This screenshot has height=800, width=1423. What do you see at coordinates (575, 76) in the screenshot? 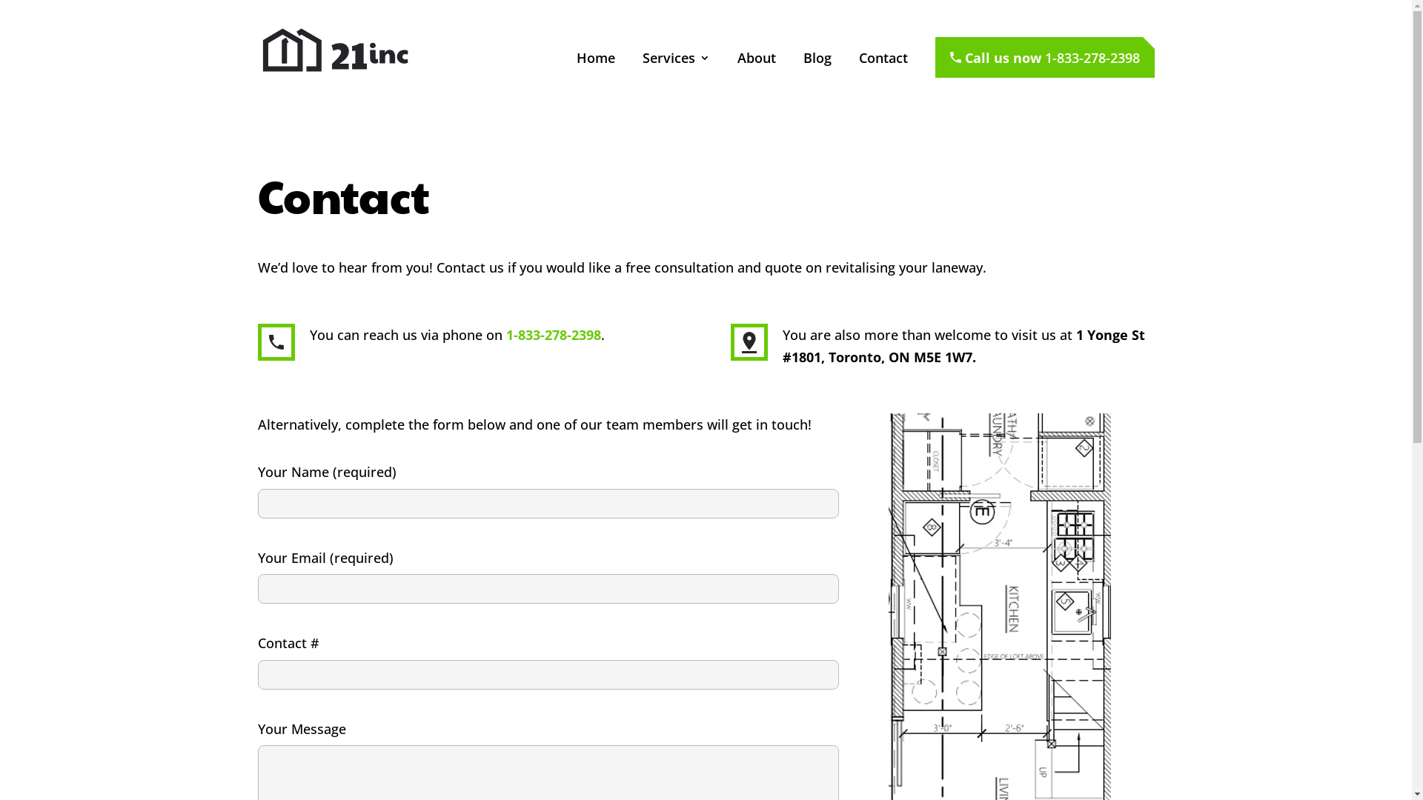
I see `'Home'` at bounding box center [575, 76].